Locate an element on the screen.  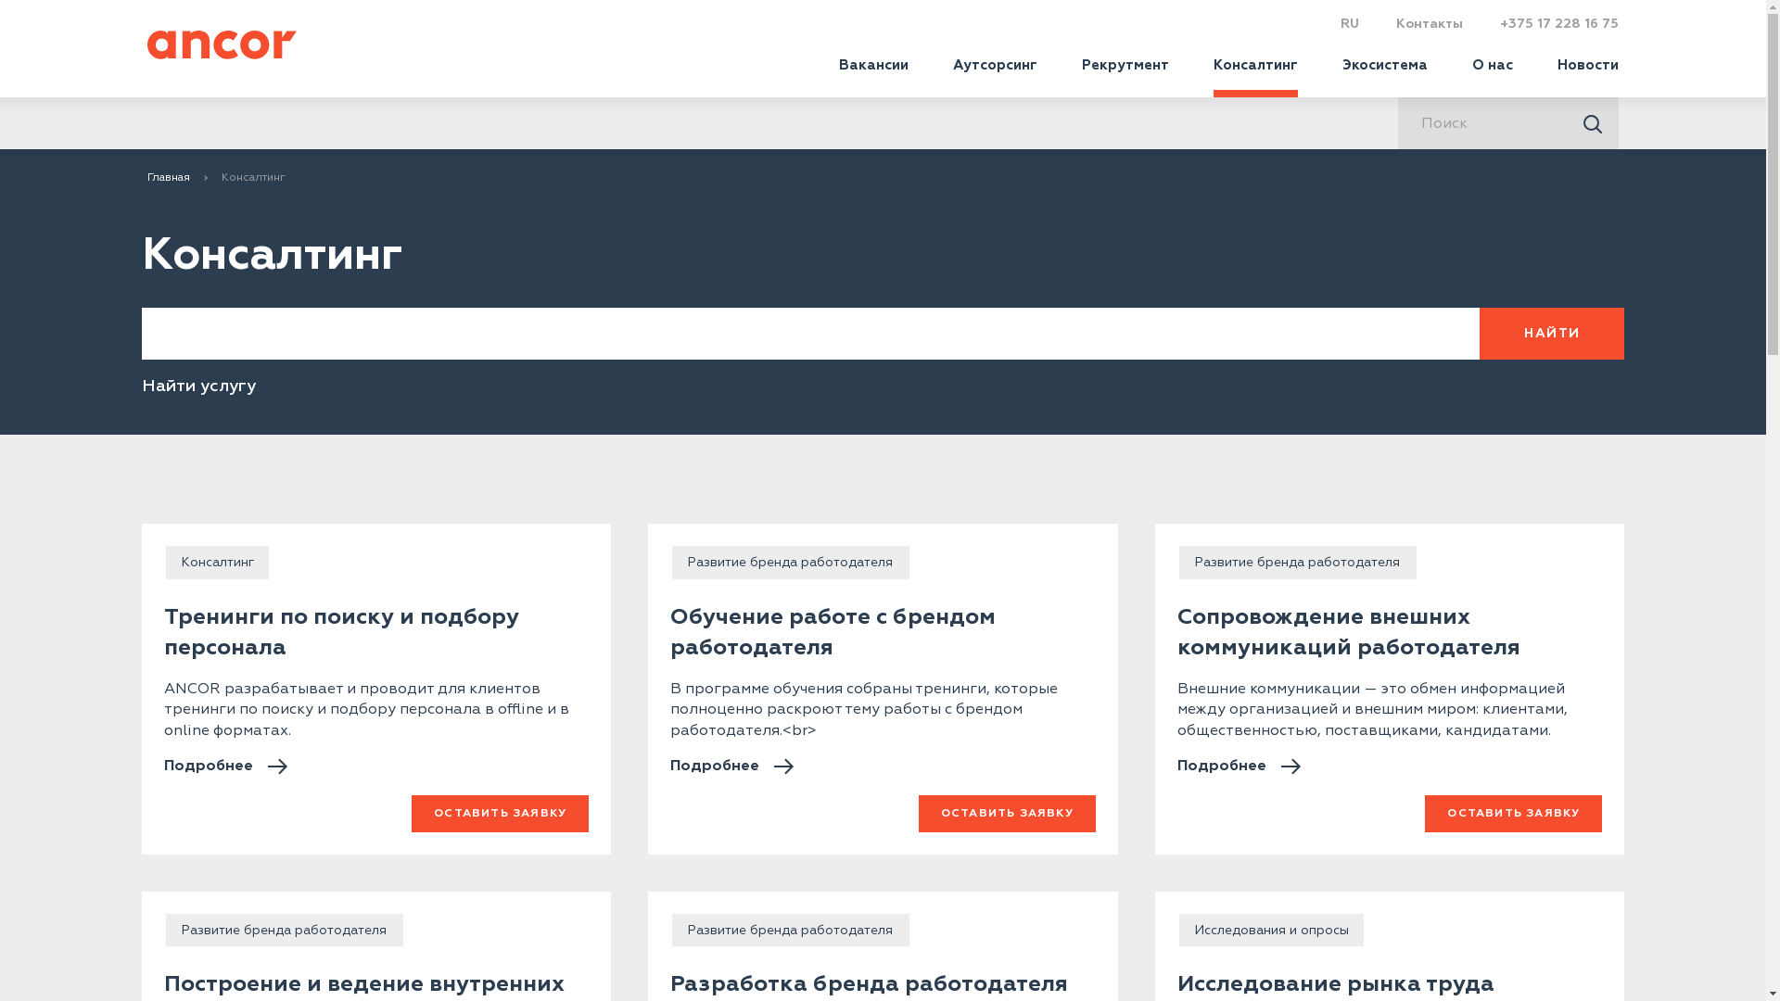
'+375 17 228 16 75' is located at coordinates (1499, 23).